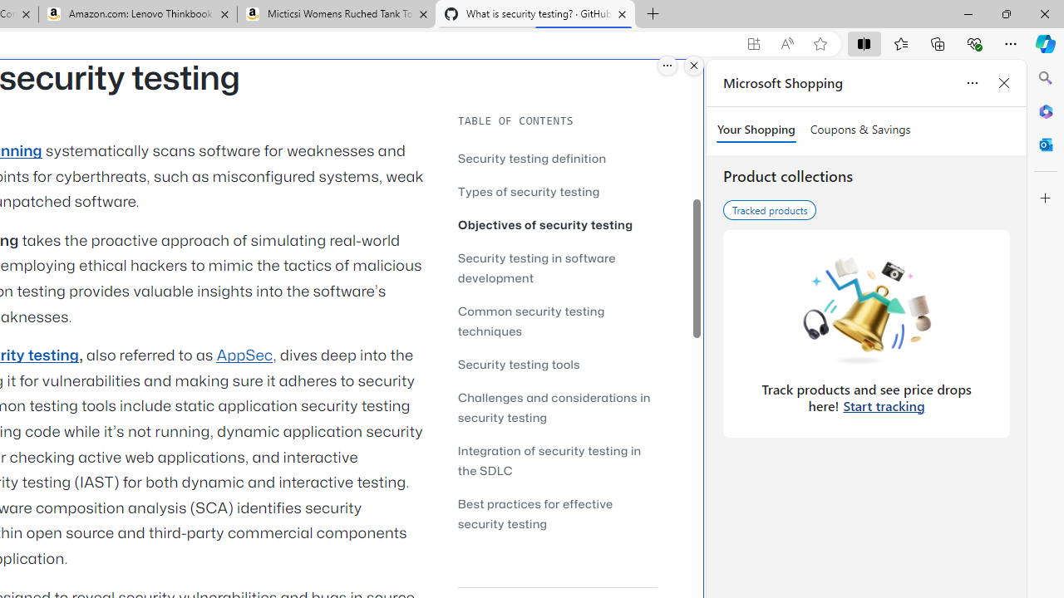  I want to click on 'Customize', so click(1045, 198).